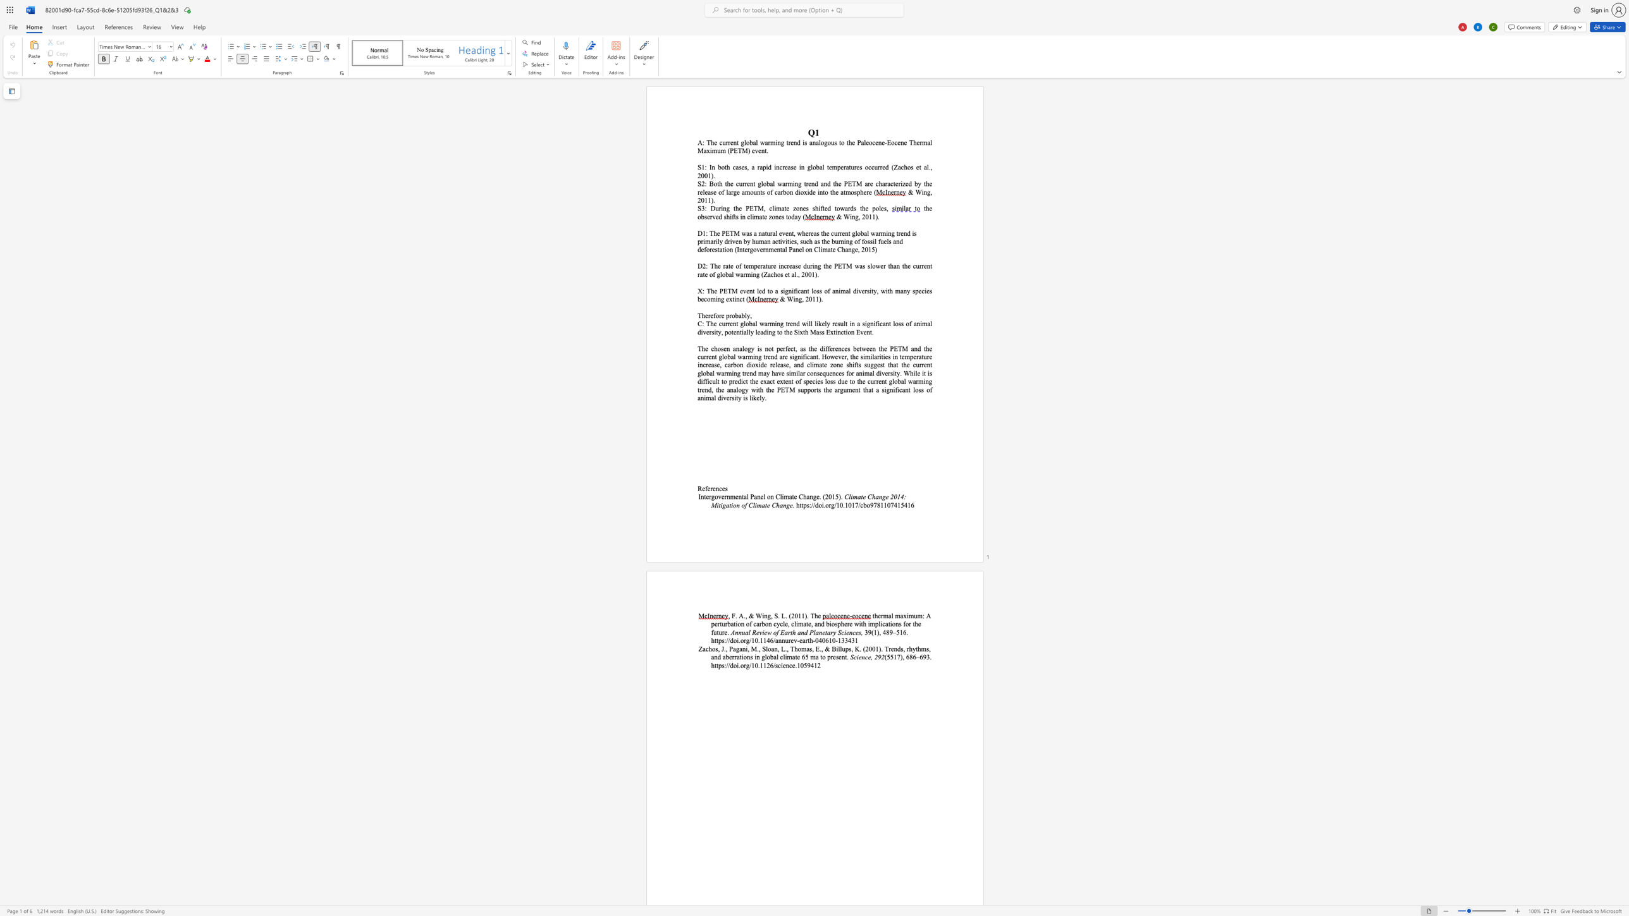  I want to click on the space between the continuous character "g" and "o" in the text, so click(827, 142).